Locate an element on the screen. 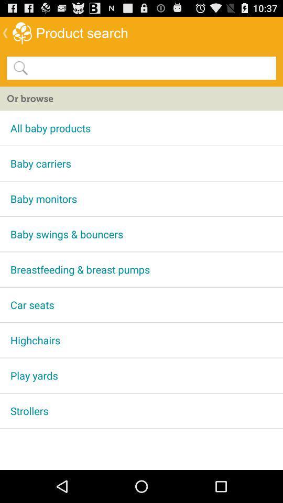 This screenshot has height=503, width=283. the strollers icon is located at coordinates (141, 411).